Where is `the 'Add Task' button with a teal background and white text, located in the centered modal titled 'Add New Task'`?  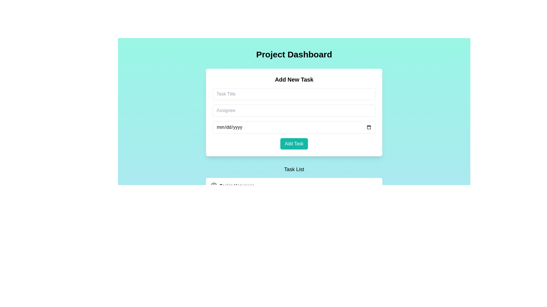
the 'Add Task' button with a teal background and white text, located in the centered modal titled 'Add New Task' is located at coordinates (294, 143).